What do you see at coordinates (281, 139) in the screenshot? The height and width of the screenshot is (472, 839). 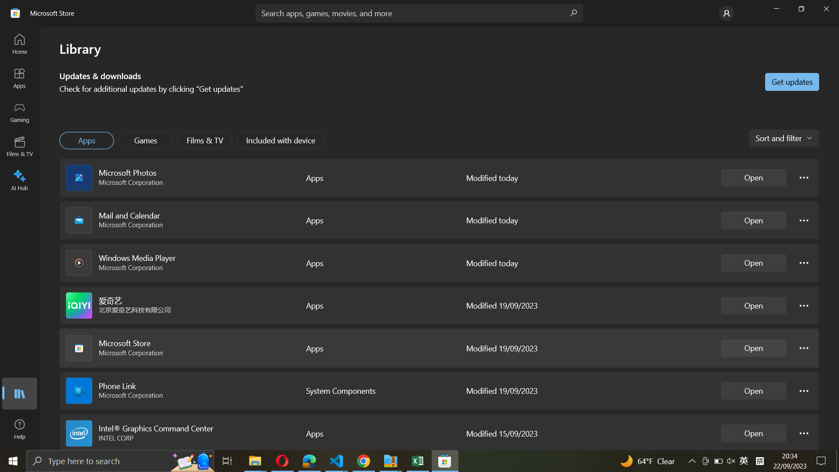 I see `Included with device` at bounding box center [281, 139].